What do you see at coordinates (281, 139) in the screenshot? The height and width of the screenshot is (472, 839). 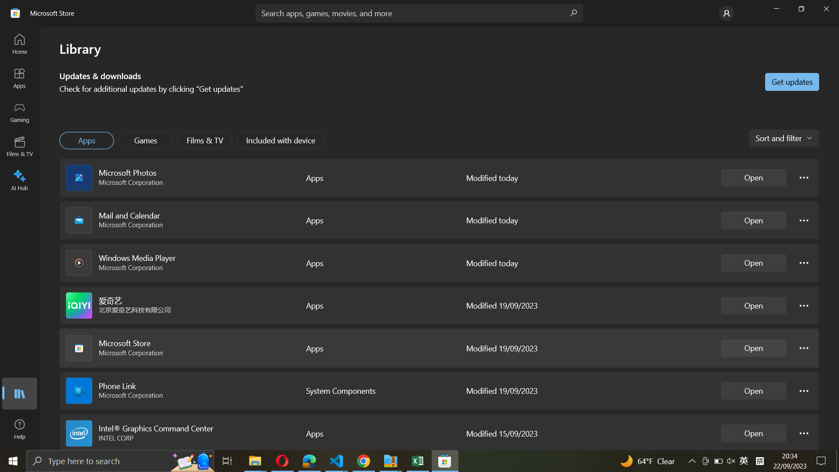 I see `Included with device` at bounding box center [281, 139].